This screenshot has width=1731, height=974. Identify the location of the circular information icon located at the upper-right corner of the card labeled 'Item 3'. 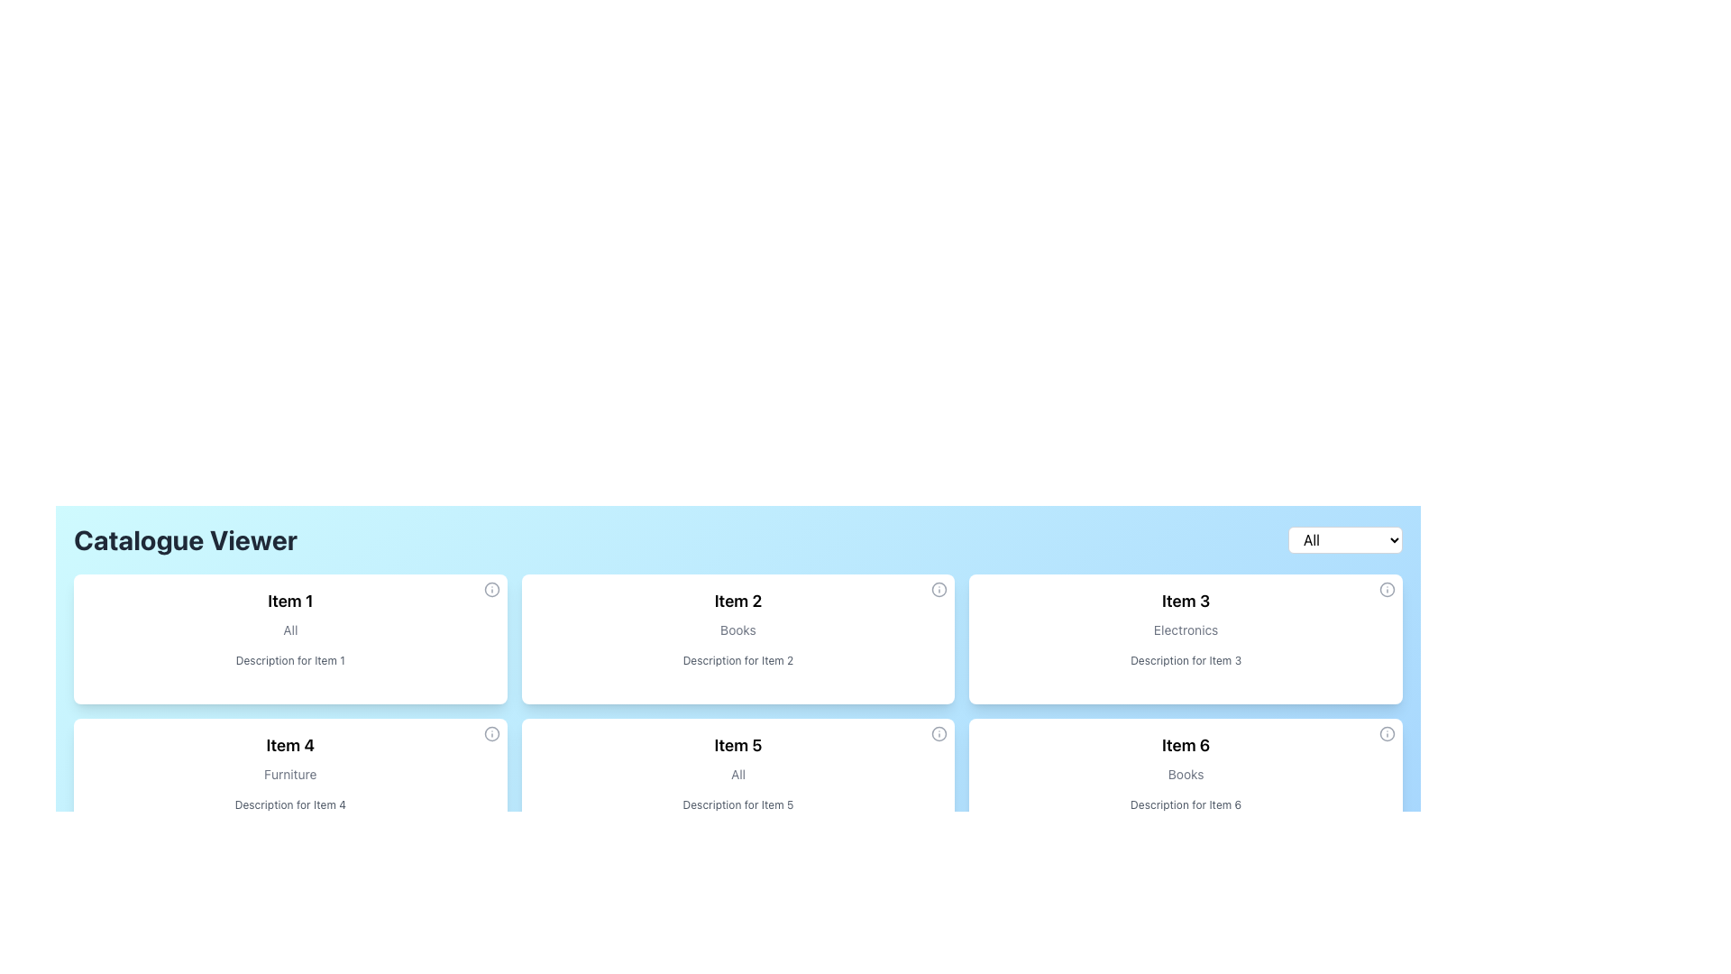
(1387, 590).